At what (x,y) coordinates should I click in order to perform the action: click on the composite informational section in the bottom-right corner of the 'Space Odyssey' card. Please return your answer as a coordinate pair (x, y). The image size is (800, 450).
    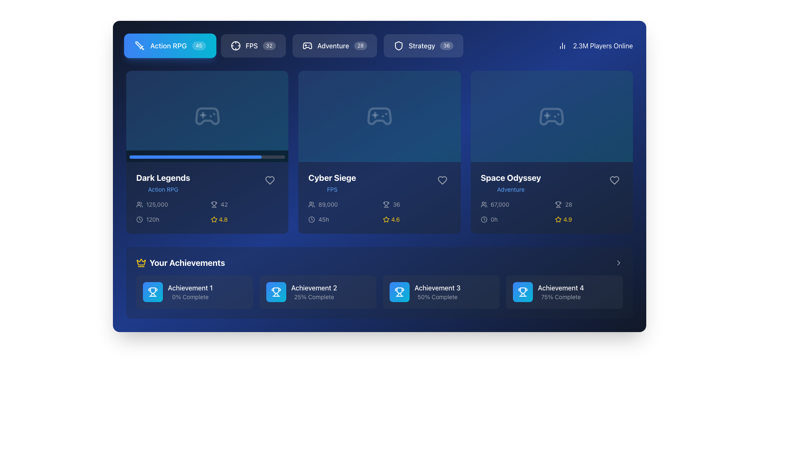
    Looking at the image, I should click on (552, 212).